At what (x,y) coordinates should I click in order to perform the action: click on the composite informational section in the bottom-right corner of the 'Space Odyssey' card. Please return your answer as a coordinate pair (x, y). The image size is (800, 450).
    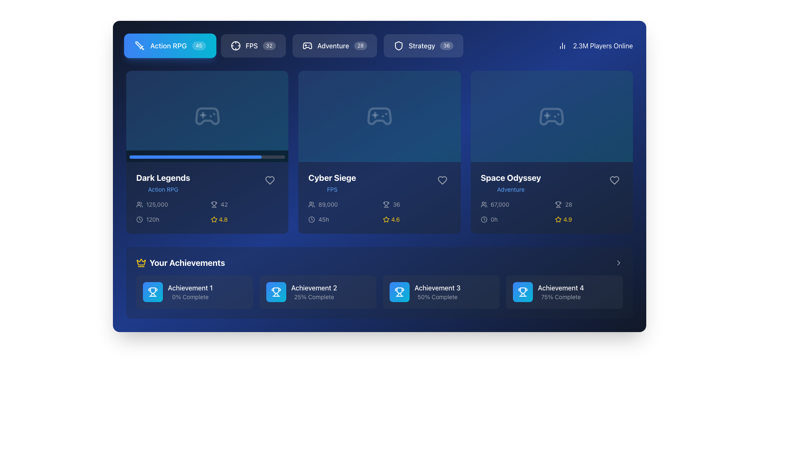
    Looking at the image, I should click on (552, 212).